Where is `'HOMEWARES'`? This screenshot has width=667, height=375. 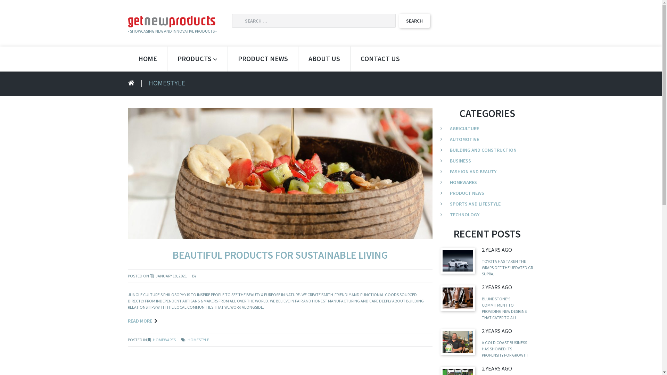
'HOMEWARES' is located at coordinates (164, 339).